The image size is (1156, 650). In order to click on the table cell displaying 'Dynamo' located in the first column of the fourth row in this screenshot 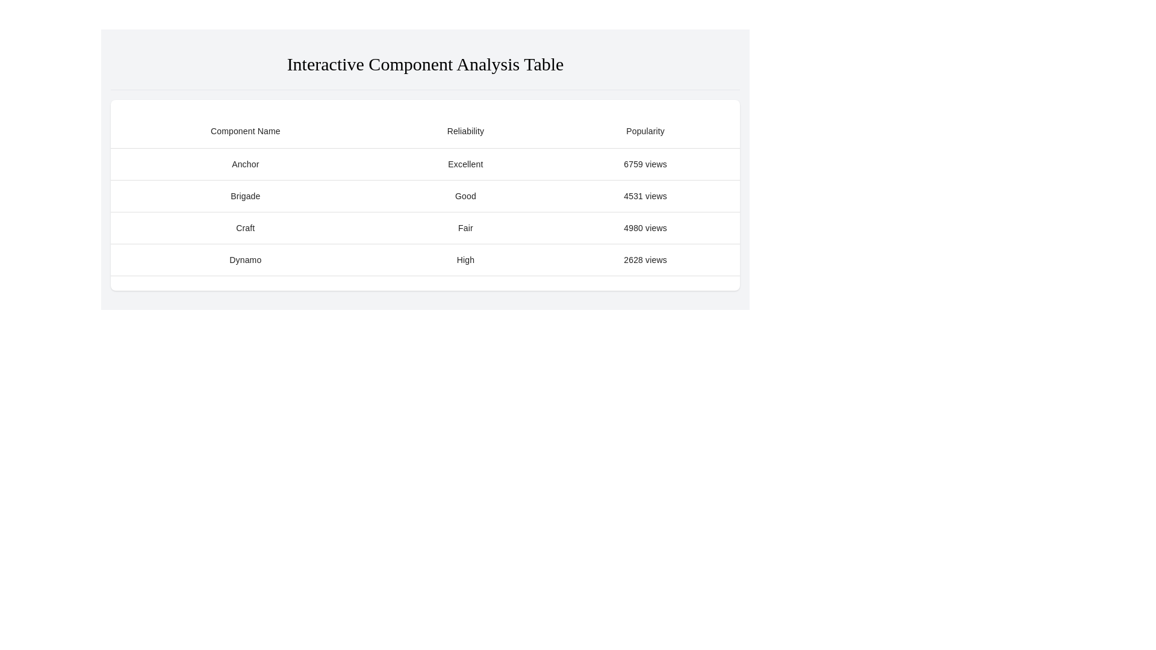, I will do `click(244, 259)`.